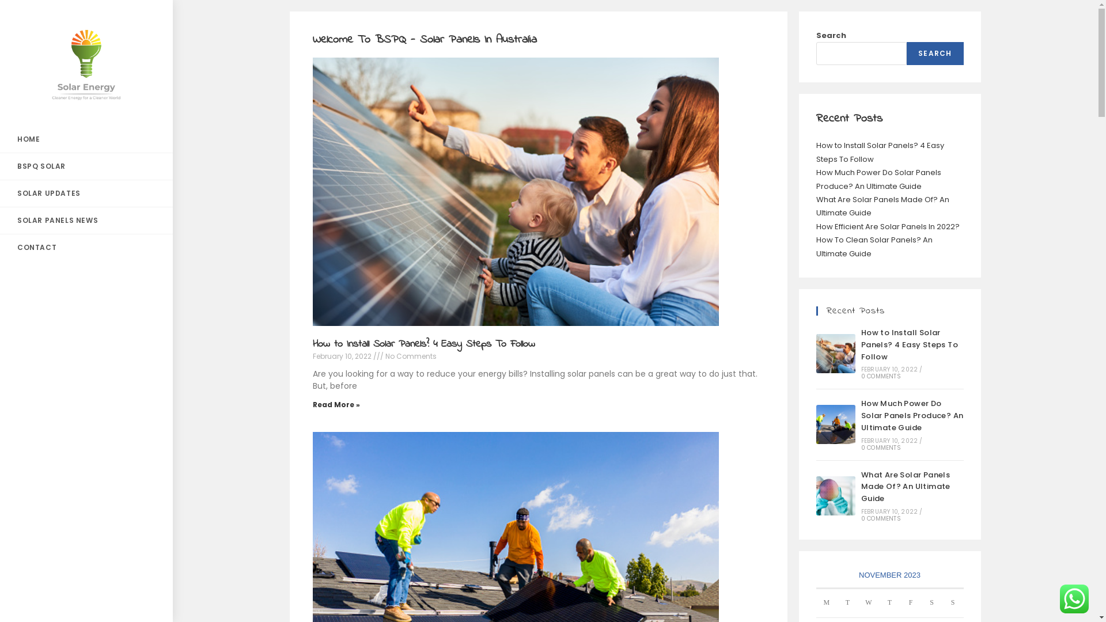 The image size is (1106, 622). Describe the element at coordinates (85, 246) in the screenshot. I see `'CONTACT'` at that location.